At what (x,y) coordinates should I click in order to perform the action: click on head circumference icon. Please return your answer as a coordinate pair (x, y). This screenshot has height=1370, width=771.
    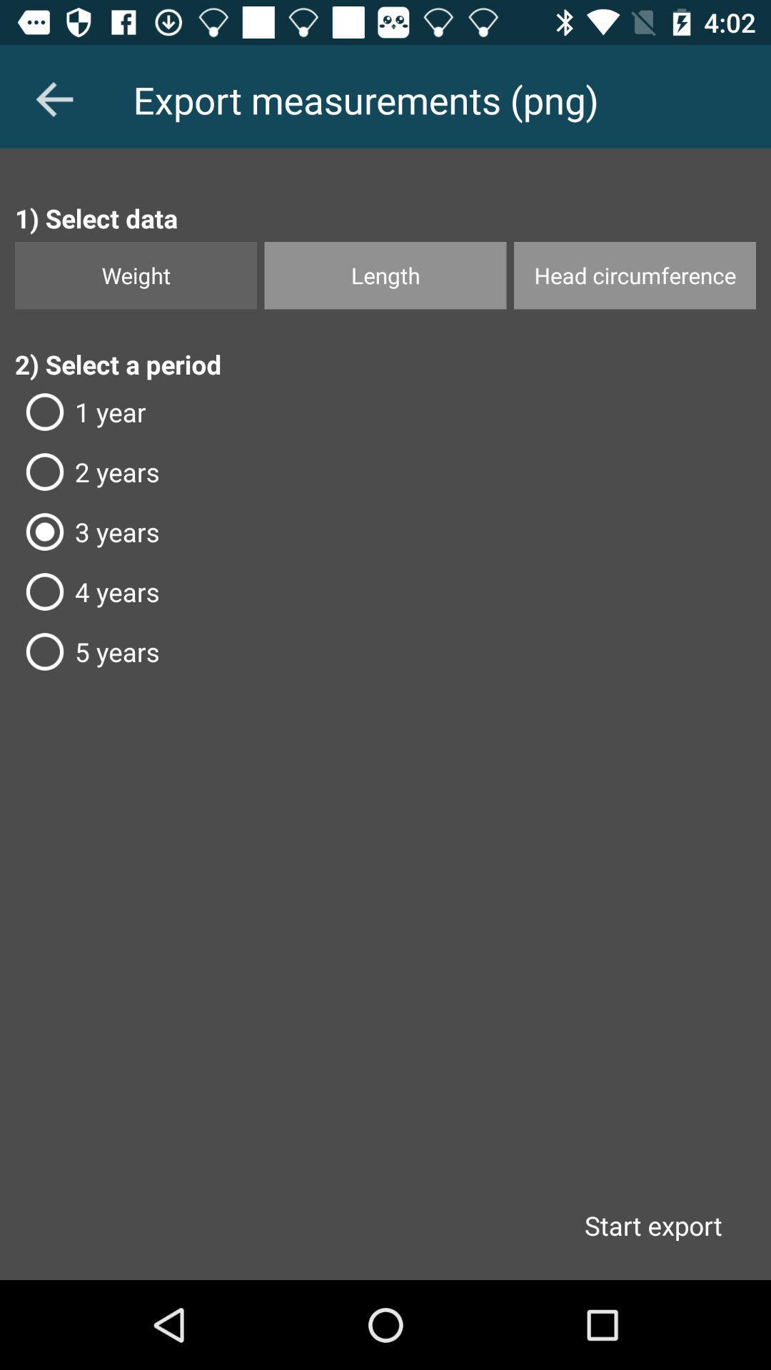
    Looking at the image, I should click on (634, 275).